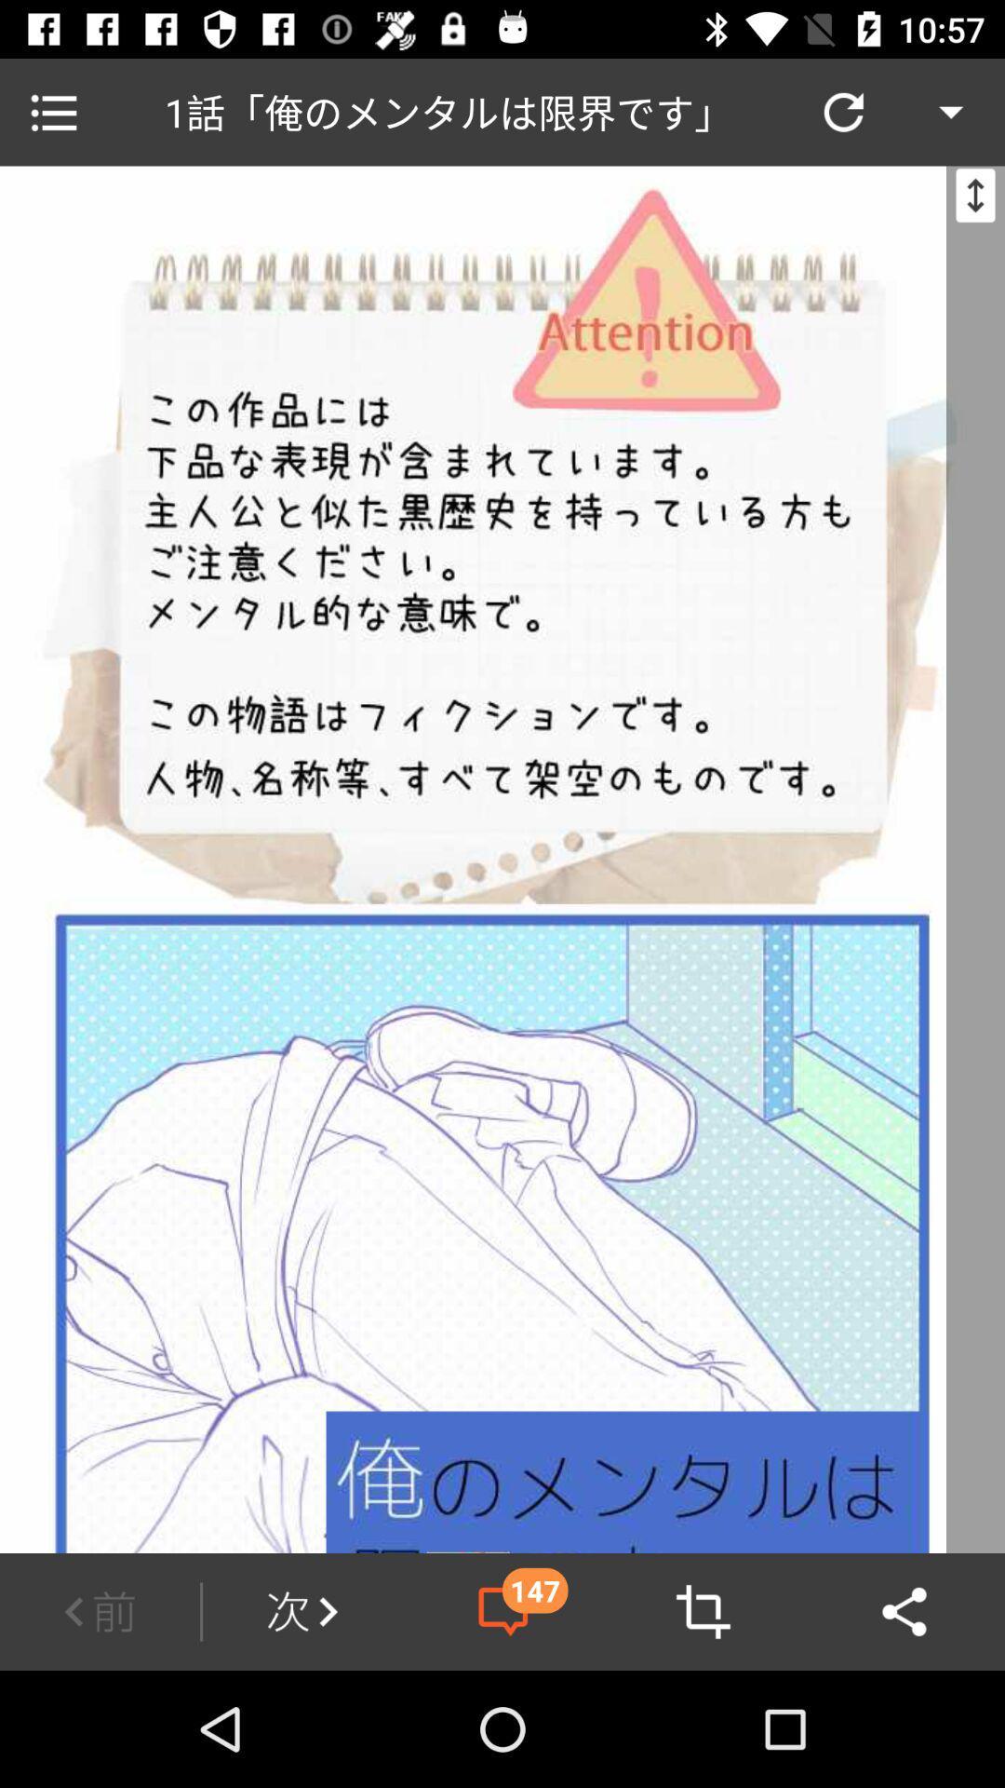  What do you see at coordinates (951, 111) in the screenshot?
I see `the expand_more icon` at bounding box center [951, 111].